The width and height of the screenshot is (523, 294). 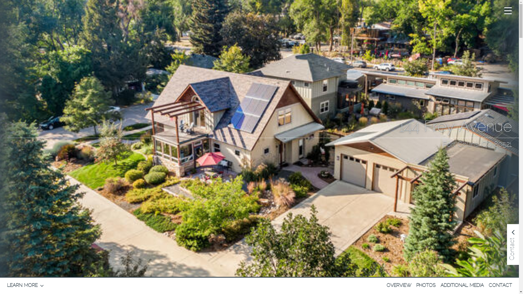 I want to click on 'ADDITIONAL MEDIA', so click(x=440, y=285).